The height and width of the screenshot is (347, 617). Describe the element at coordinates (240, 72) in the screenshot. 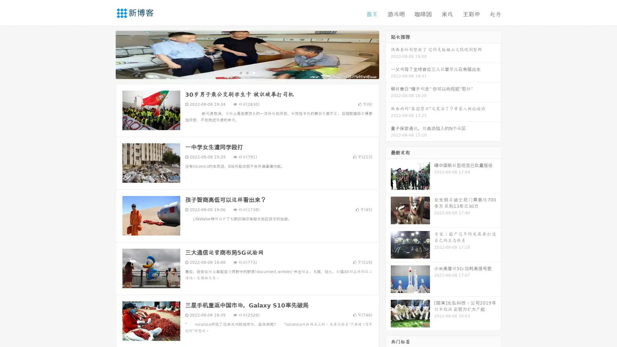

I see `Go to slide 1` at that location.